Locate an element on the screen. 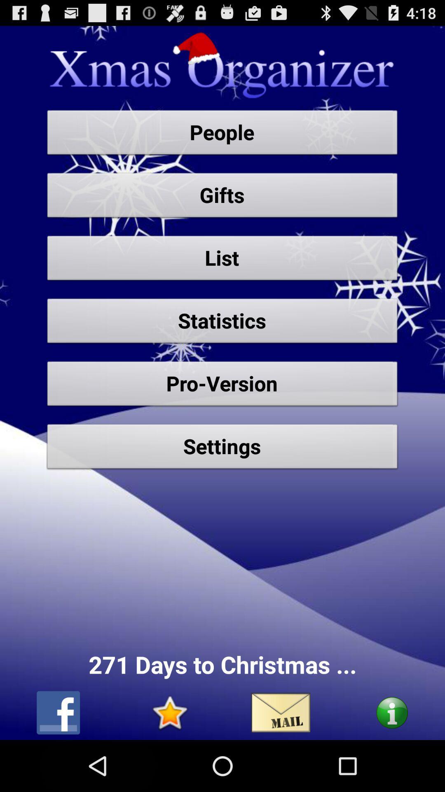  facebook is located at coordinates (58, 712).